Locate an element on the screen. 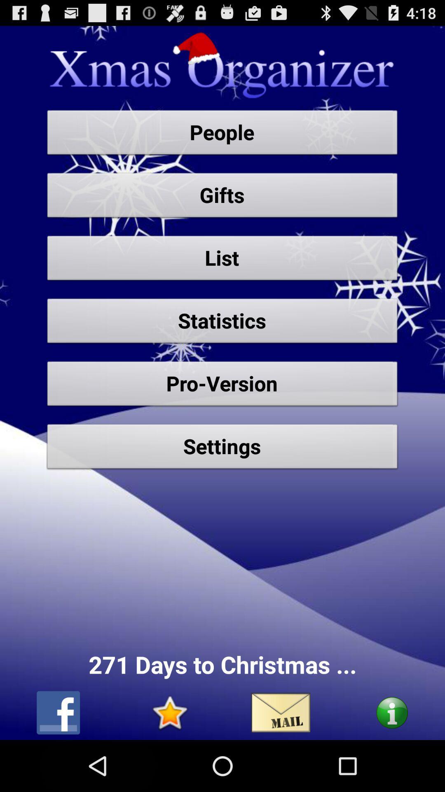  facebook is located at coordinates (58, 712).